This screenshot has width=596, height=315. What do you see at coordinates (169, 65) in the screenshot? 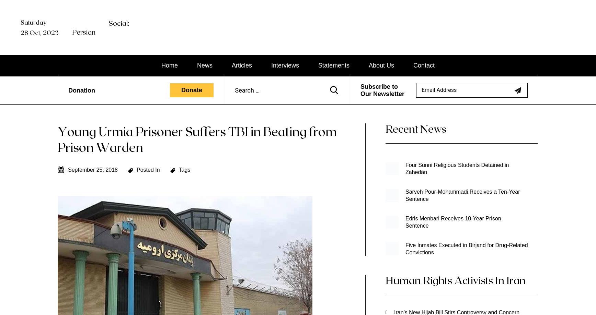
I see `'Home'` at bounding box center [169, 65].